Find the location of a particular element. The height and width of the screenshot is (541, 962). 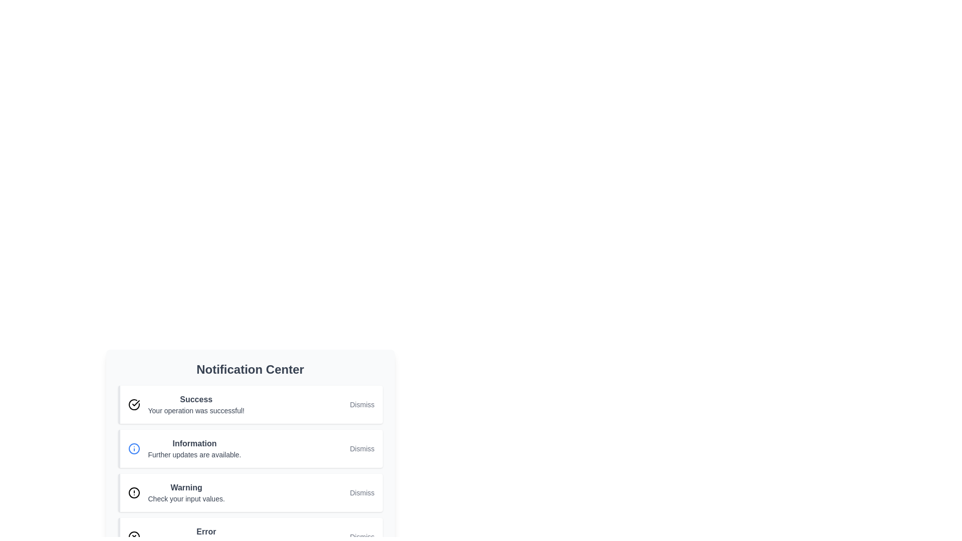

the Label that provides detailed information about the success status, located immediately below the 'Success' label in the first notification card of the notification center is located at coordinates (196, 411).